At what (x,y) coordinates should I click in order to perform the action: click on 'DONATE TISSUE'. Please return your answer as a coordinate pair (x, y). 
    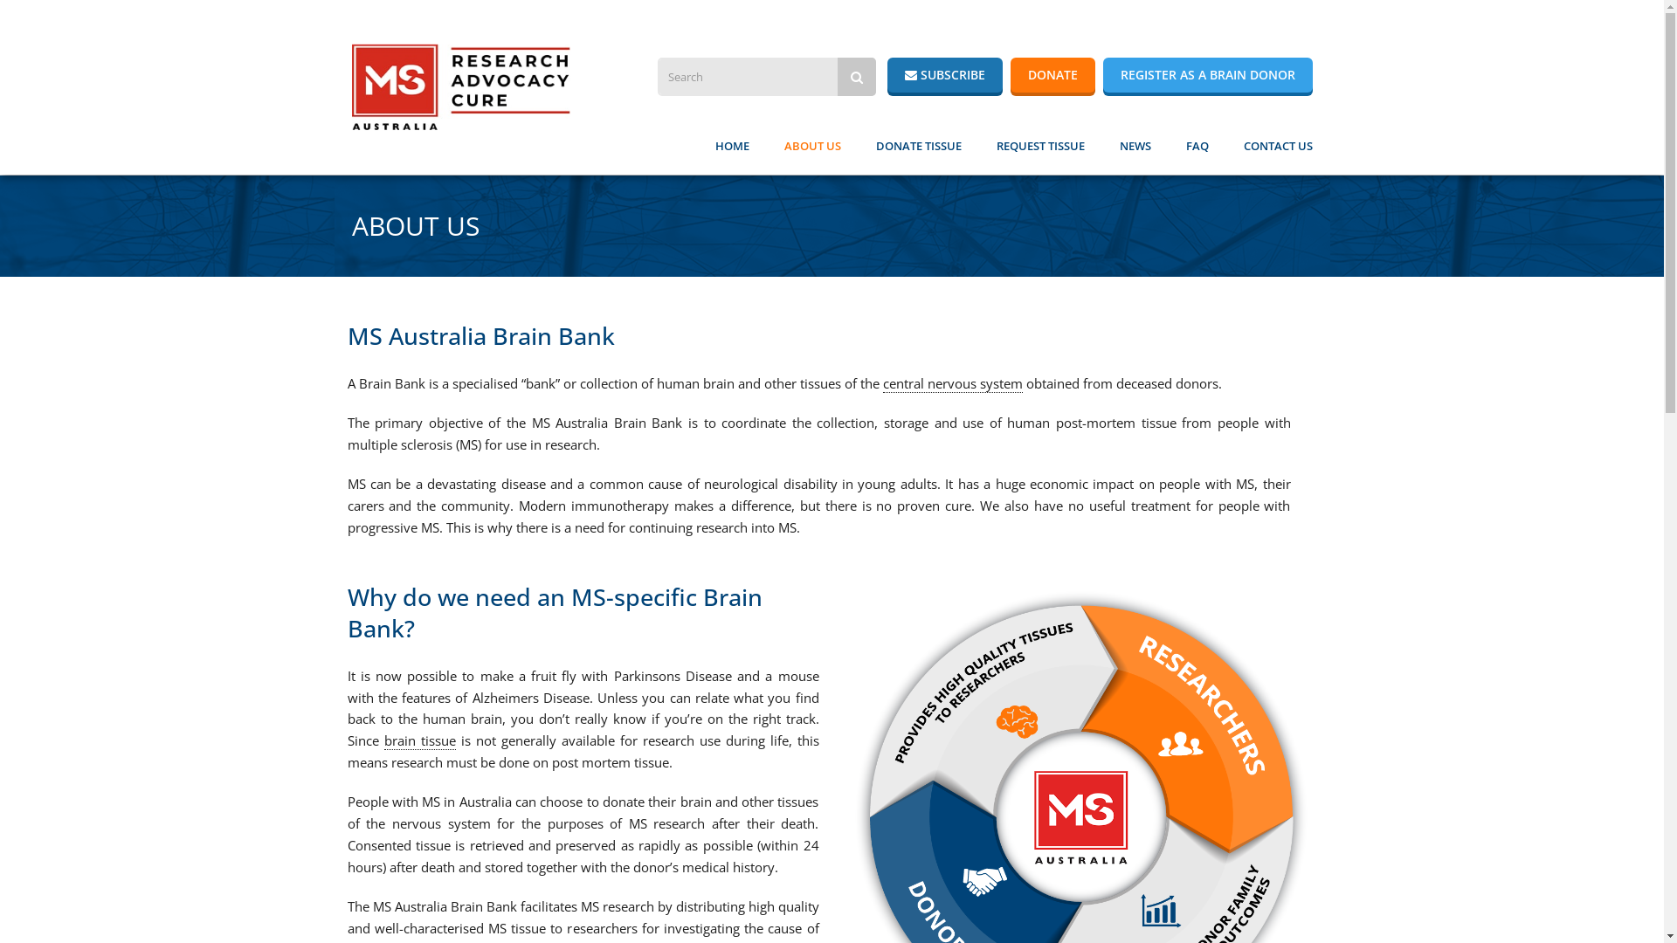
    Looking at the image, I should click on (917, 143).